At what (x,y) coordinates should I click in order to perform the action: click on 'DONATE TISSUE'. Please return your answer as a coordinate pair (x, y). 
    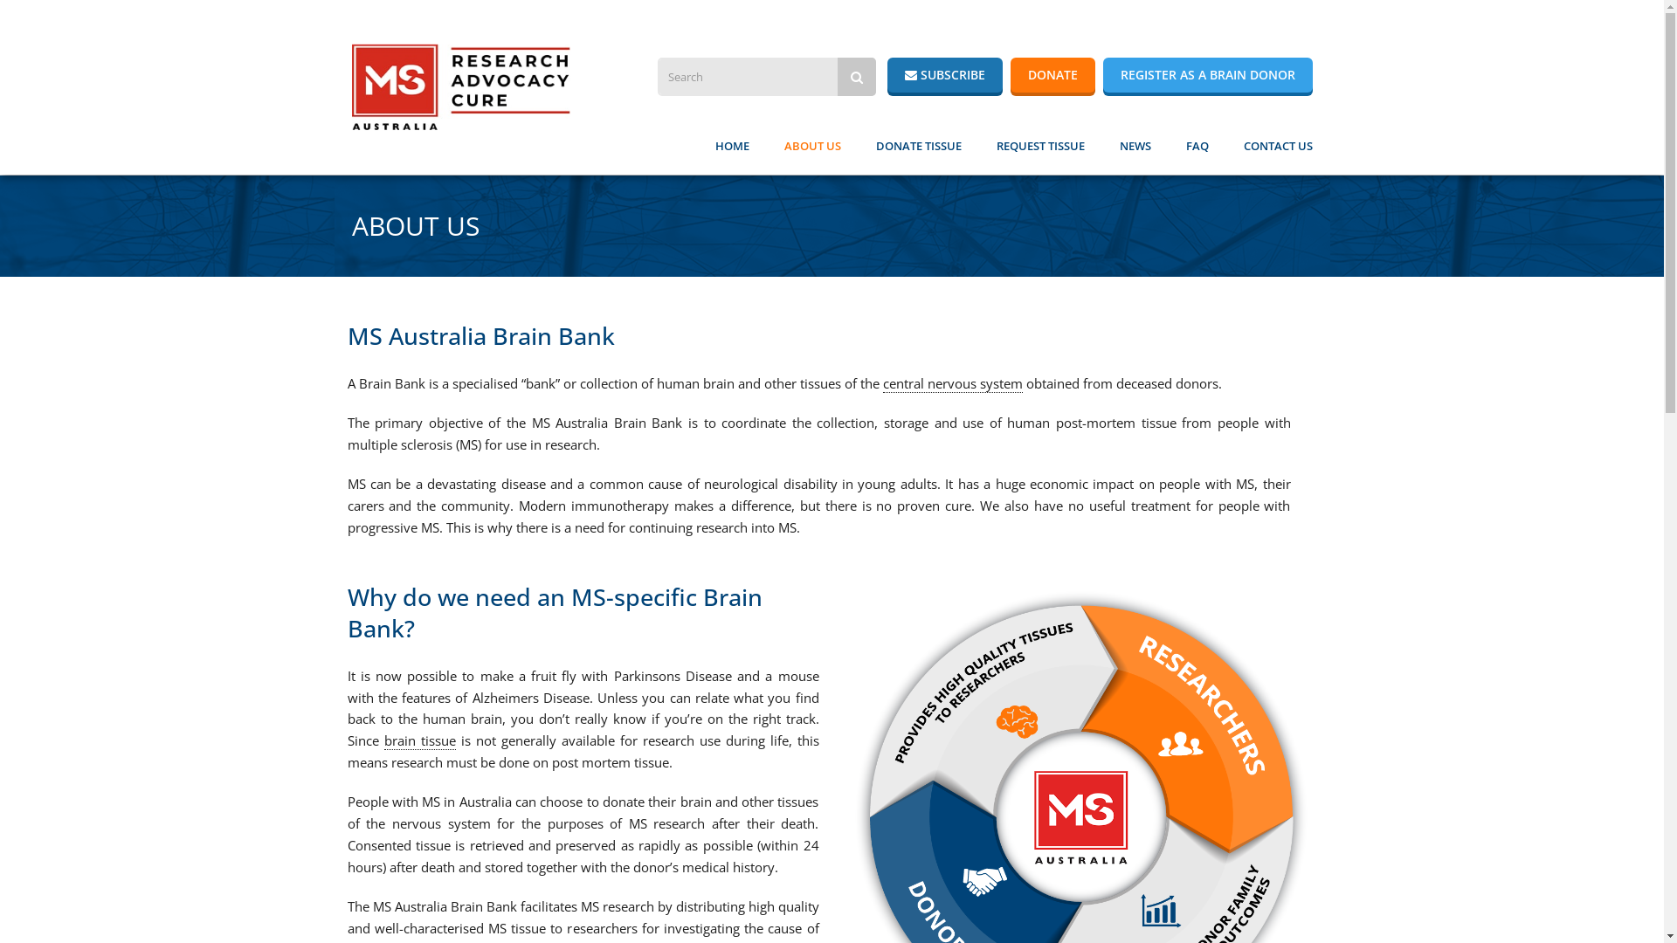
    Looking at the image, I should click on (917, 143).